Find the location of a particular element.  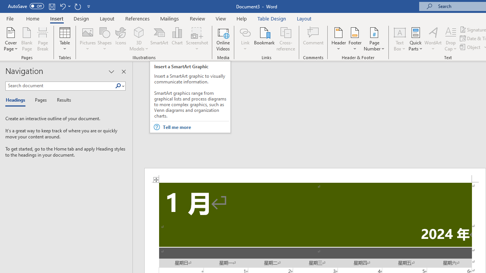

'Bookmark...' is located at coordinates (264, 39).